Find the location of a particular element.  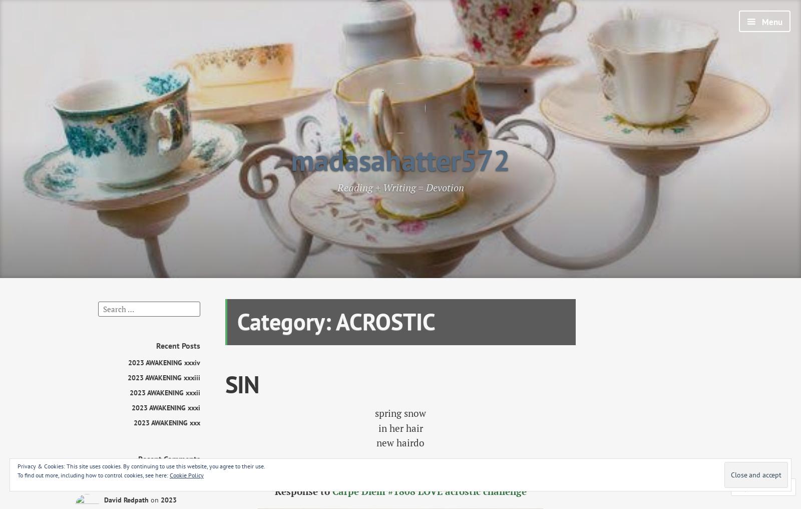

'David Redpath' is located at coordinates (126, 499).